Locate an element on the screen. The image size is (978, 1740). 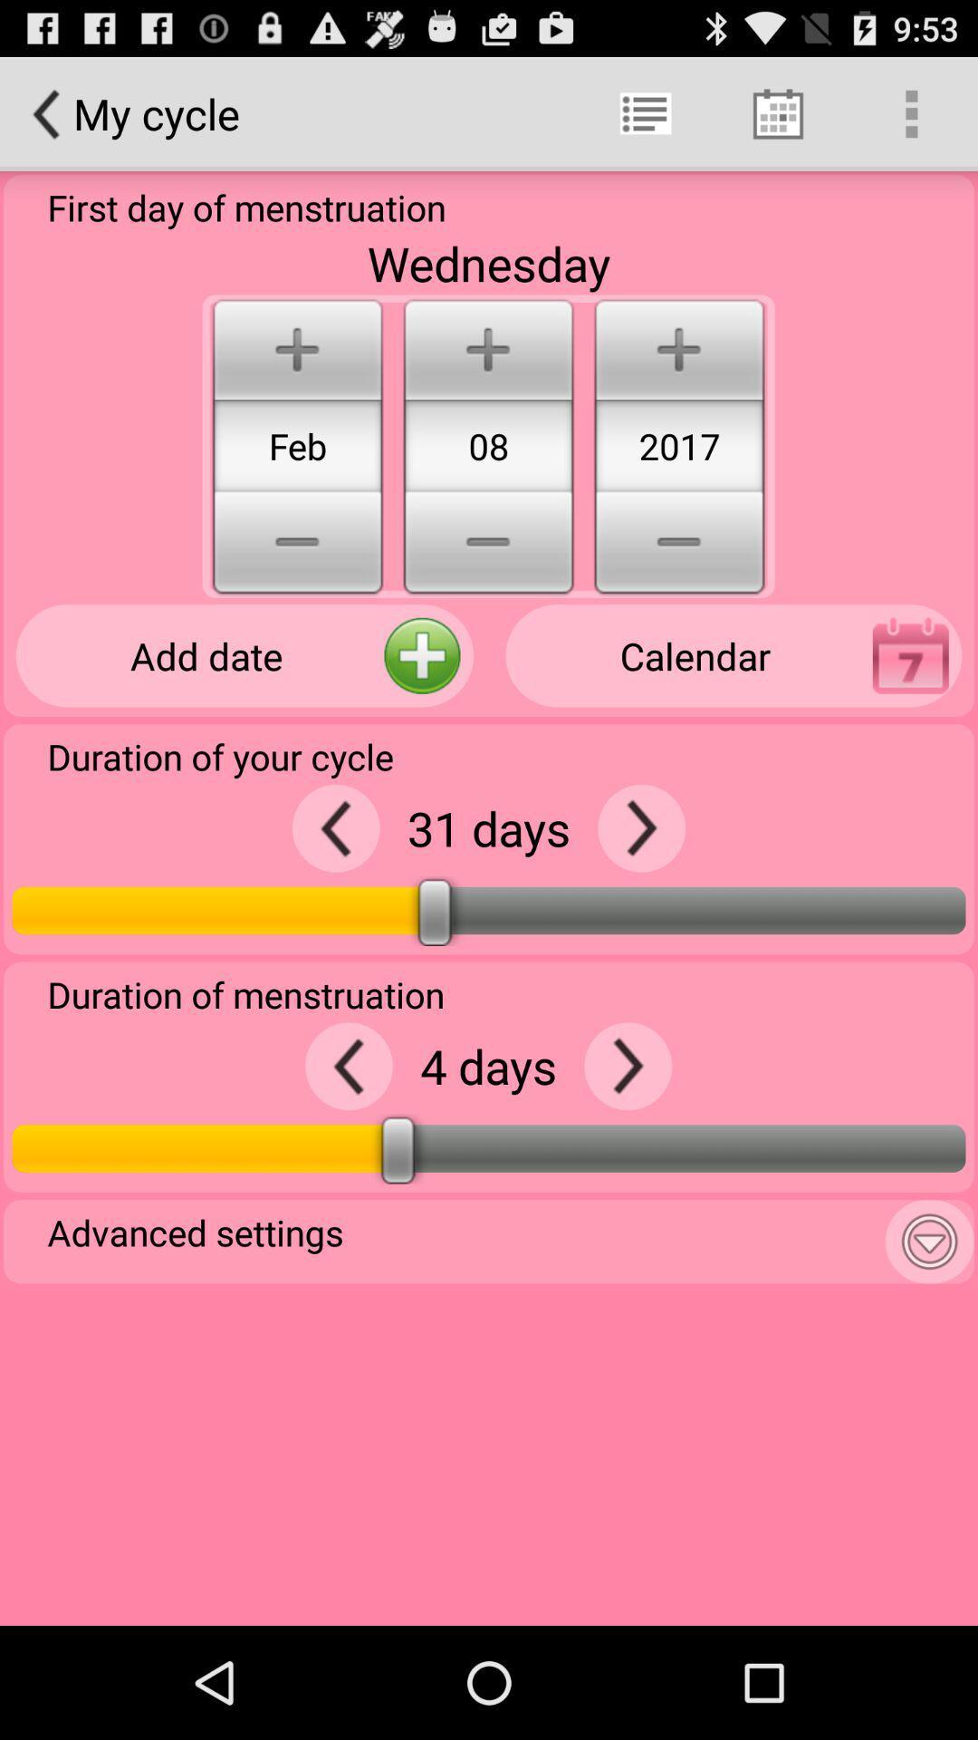
1 day is located at coordinates (640, 827).